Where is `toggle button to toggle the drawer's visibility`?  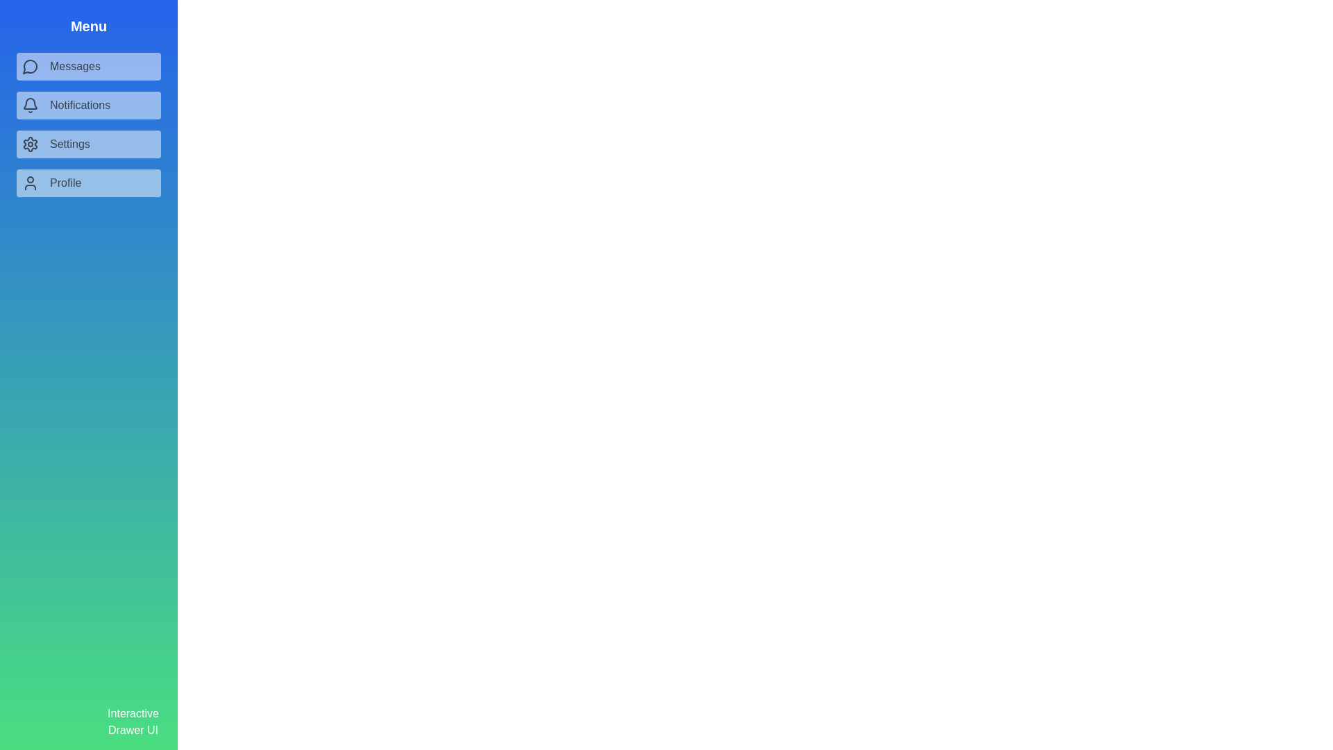 toggle button to toggle the drawer's visibility is located at coordinates (24, 24).